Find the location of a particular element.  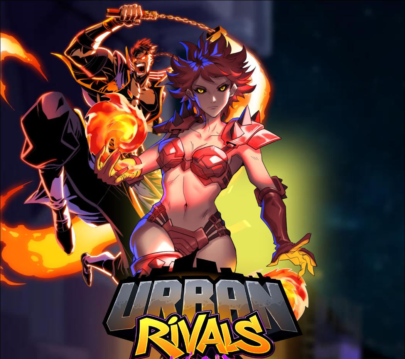

'The cursed DOMINION toys, the students of the SKEELZ academy, the goths from the NIGHTMARE manor, the phantom GHOSTOWN cowboys and the OBLIVION shape-shifters all have supernatural powers!' is located at coordinates (224, 247).